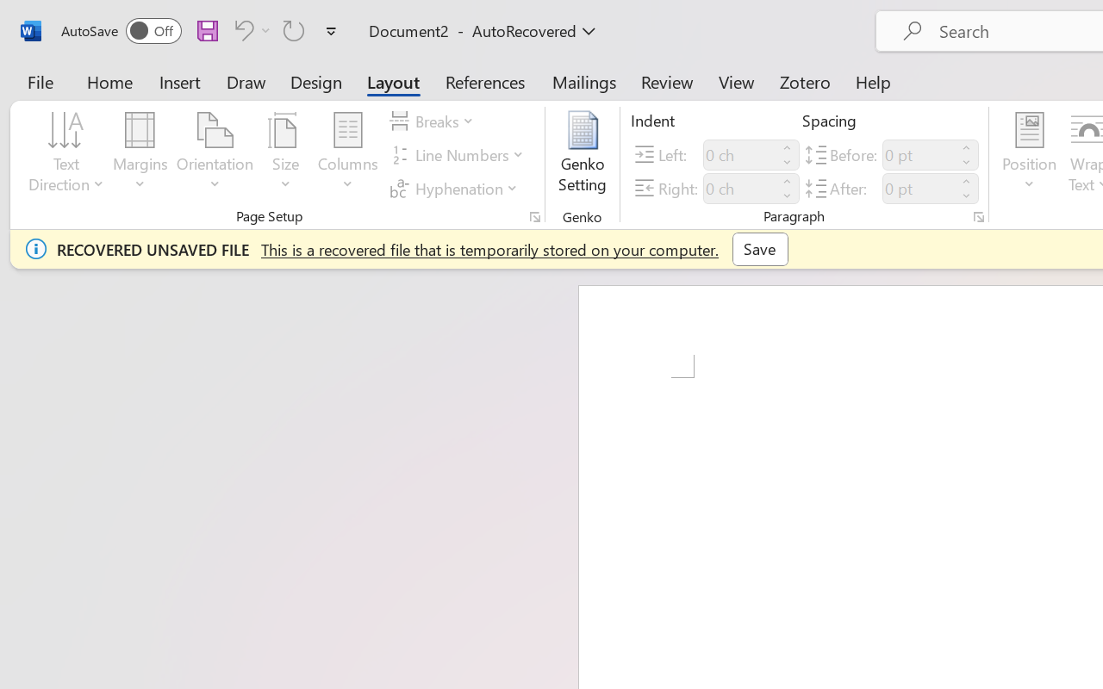  I want to click on 'Position', so click(1029, 154).